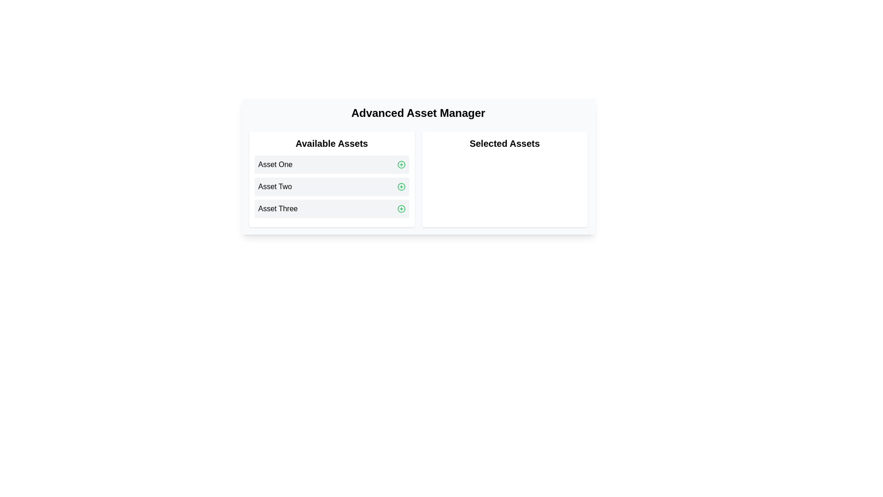  I want to click on outer circular component of the icon located to the right of the 'Asset One' label in the 'Available Assets' section using browser developer tools, so click(401, 164).